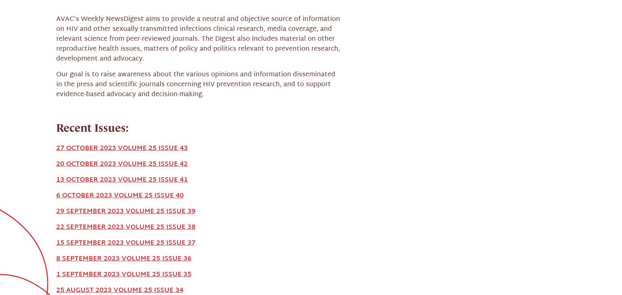  Describe the element at coordinates (121, 47) in the screenshot. I see `'13 OCTOBER 2023 VOLUME 25 ISSUE 41'` at that location.